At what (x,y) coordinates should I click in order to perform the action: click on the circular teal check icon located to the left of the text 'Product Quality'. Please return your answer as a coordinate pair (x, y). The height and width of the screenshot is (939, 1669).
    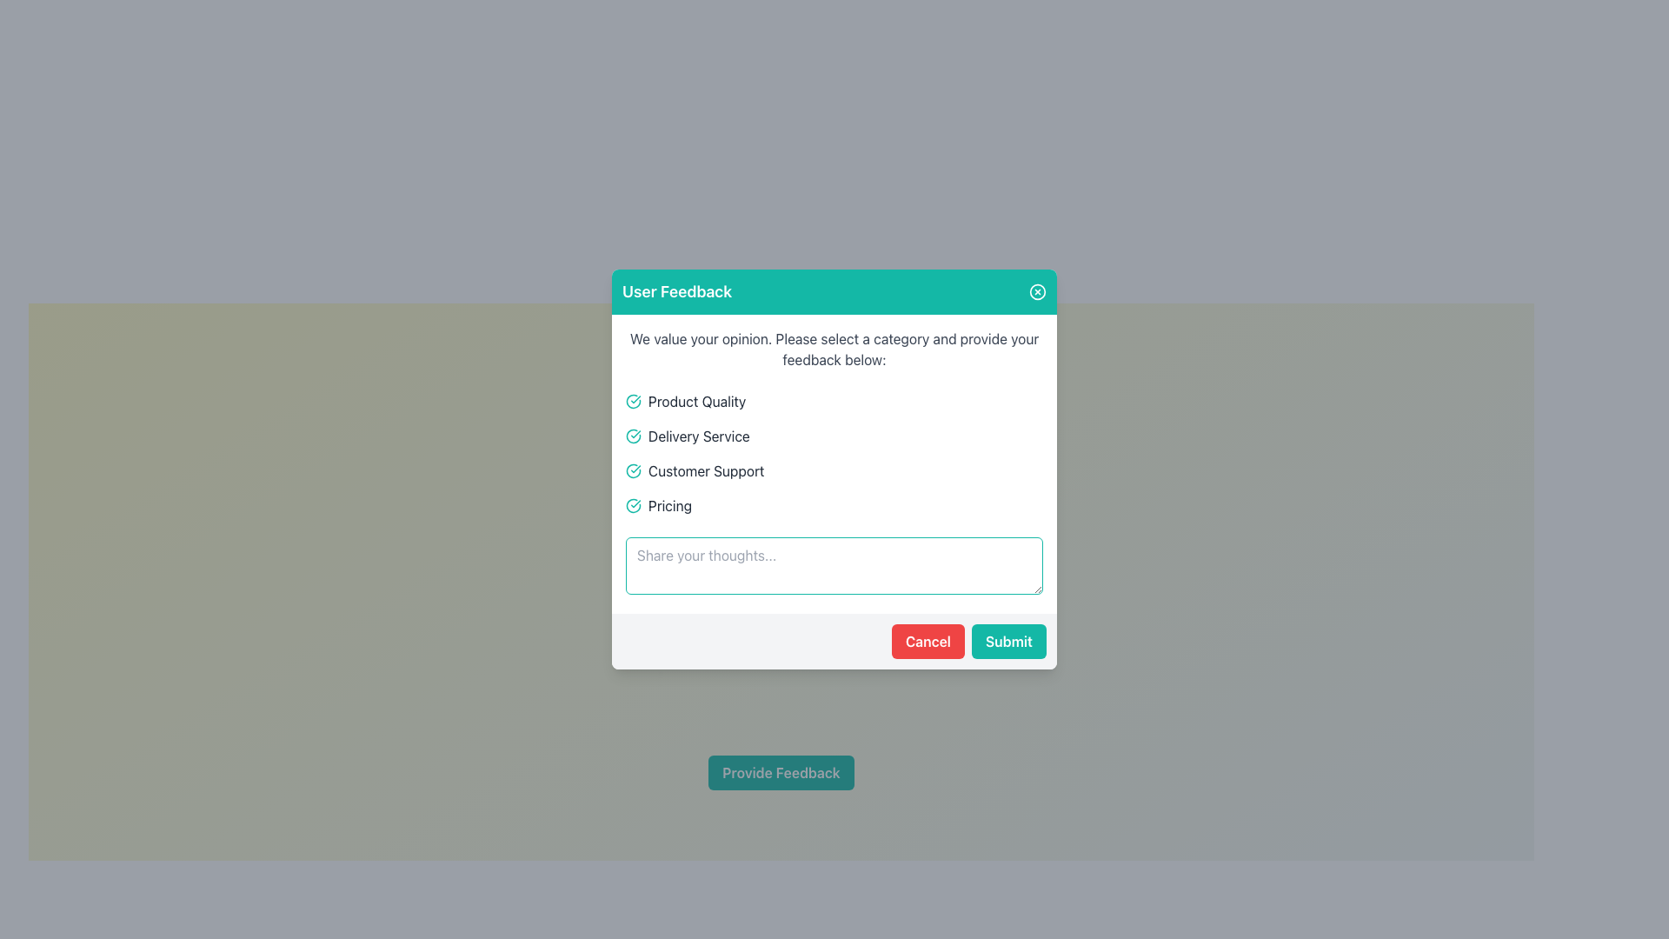
    Looking at the image, I should click on (633, 402).